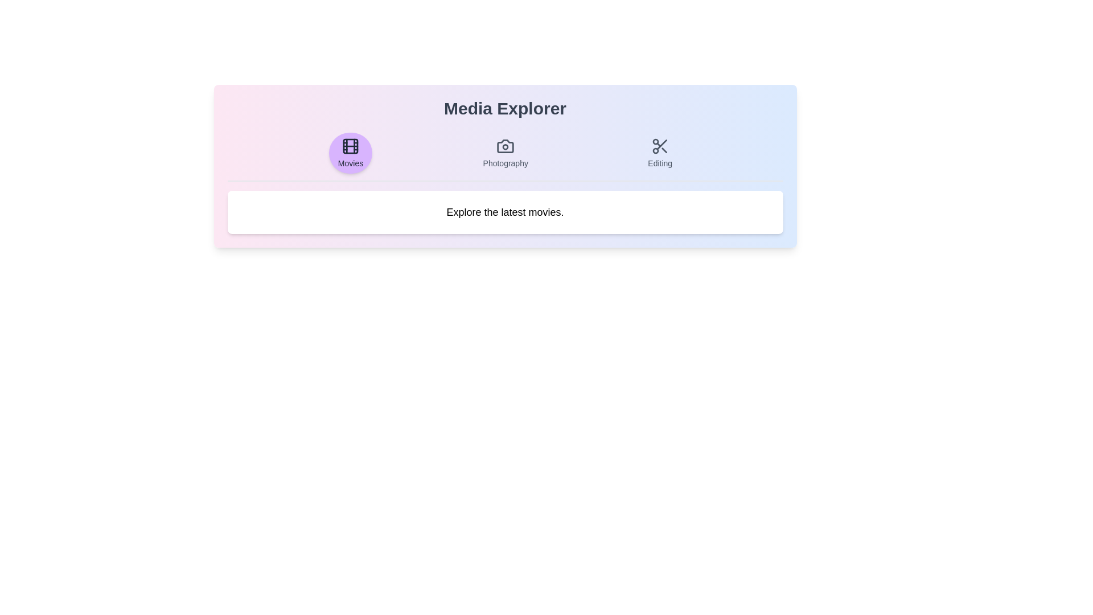 The image size is (1093, 615). Describe the element at coordinates (350, 153) in the screenshot. I see `the Movies tab in the AdvancedMediaTabs component` at that location.